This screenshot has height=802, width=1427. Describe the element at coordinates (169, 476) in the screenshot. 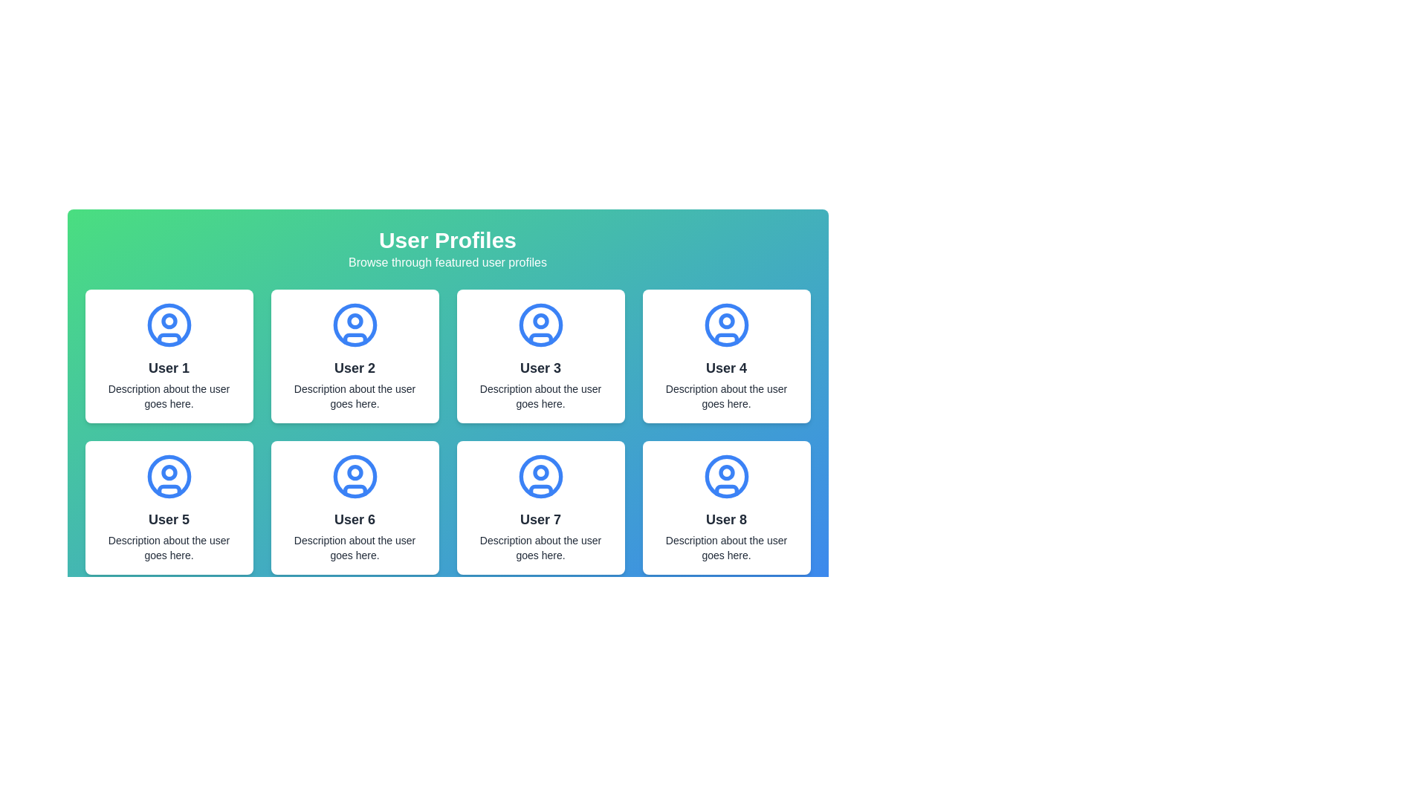

I see `the circular user profile avatar icon located in the fifth card labeled 'User 5', which has a blue outline and white fill` at that location.